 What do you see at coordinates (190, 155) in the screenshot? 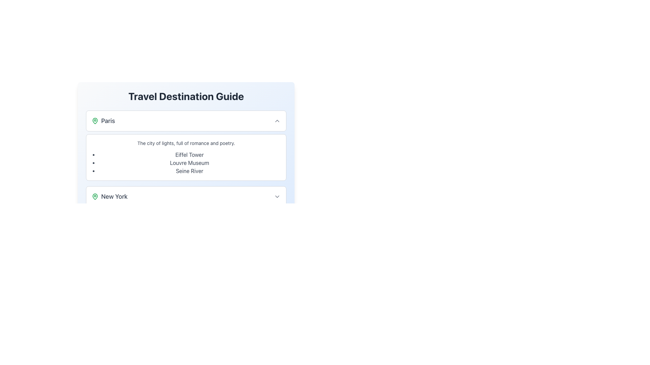
I see `text content of the first item in the bulleted list displaying 'Eiffel Tower', which is part of the section dedicated to 'Paris' under the 'Travel Destination Guide'` at bounding box center [190, 155].